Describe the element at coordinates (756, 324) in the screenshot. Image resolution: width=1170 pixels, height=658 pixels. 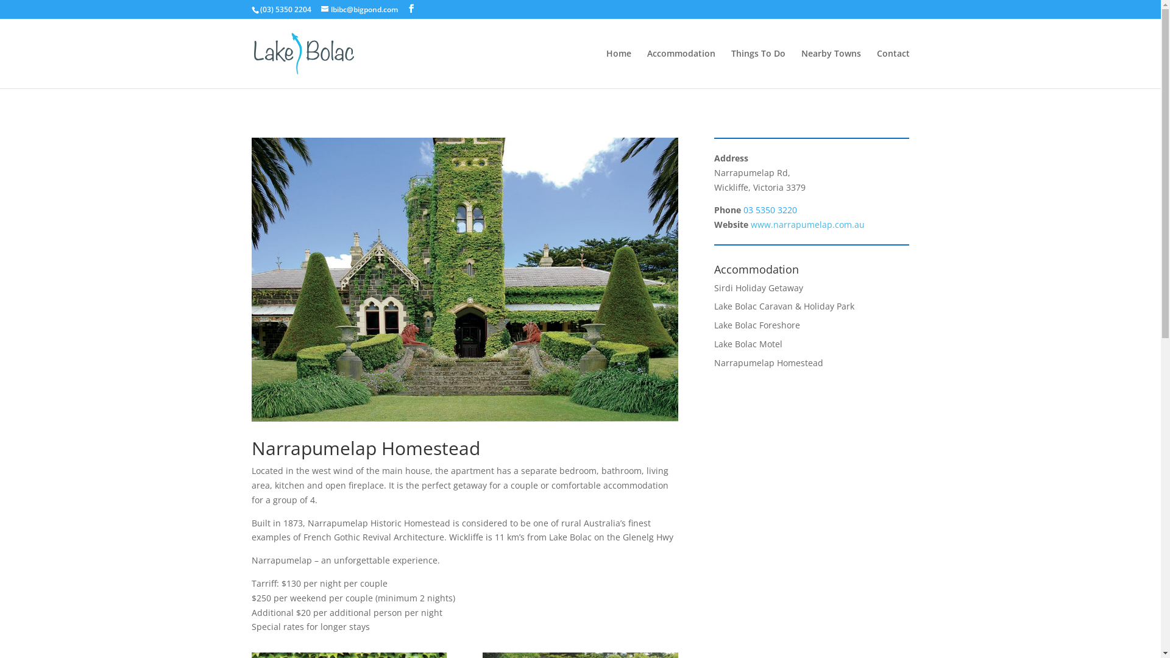
I see `'Lake Bolac Foreshore'` at that location.